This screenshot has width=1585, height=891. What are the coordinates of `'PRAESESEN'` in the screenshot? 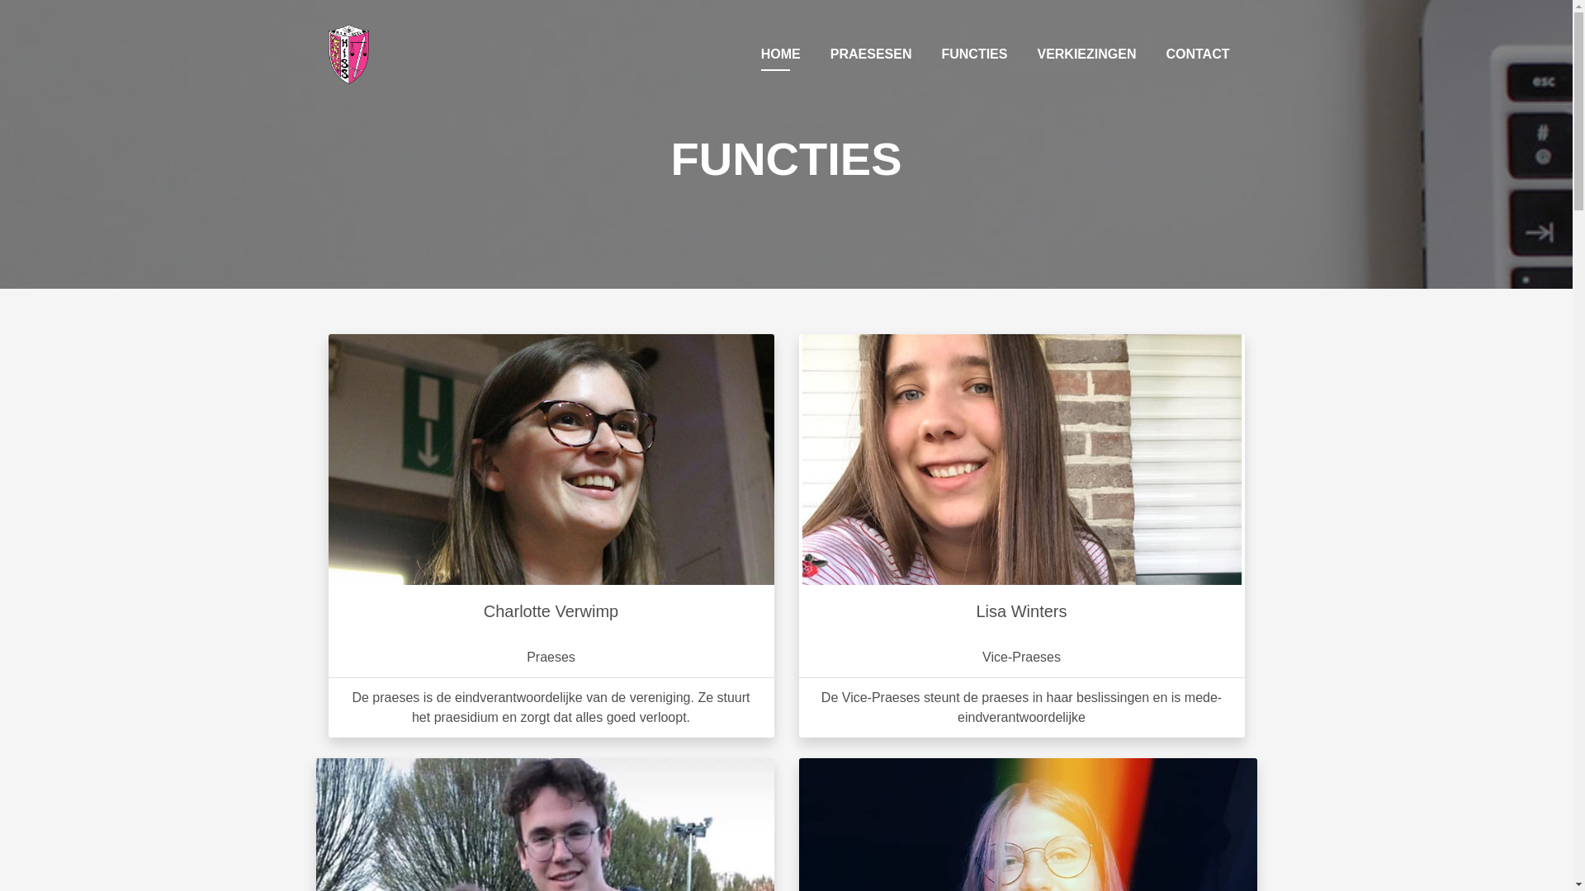 It's located at (870, 53).